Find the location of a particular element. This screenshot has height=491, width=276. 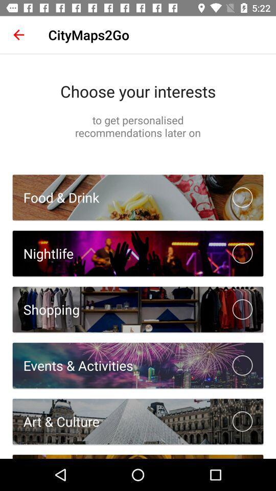

to get personalised item is located at coordinates (138, 126).